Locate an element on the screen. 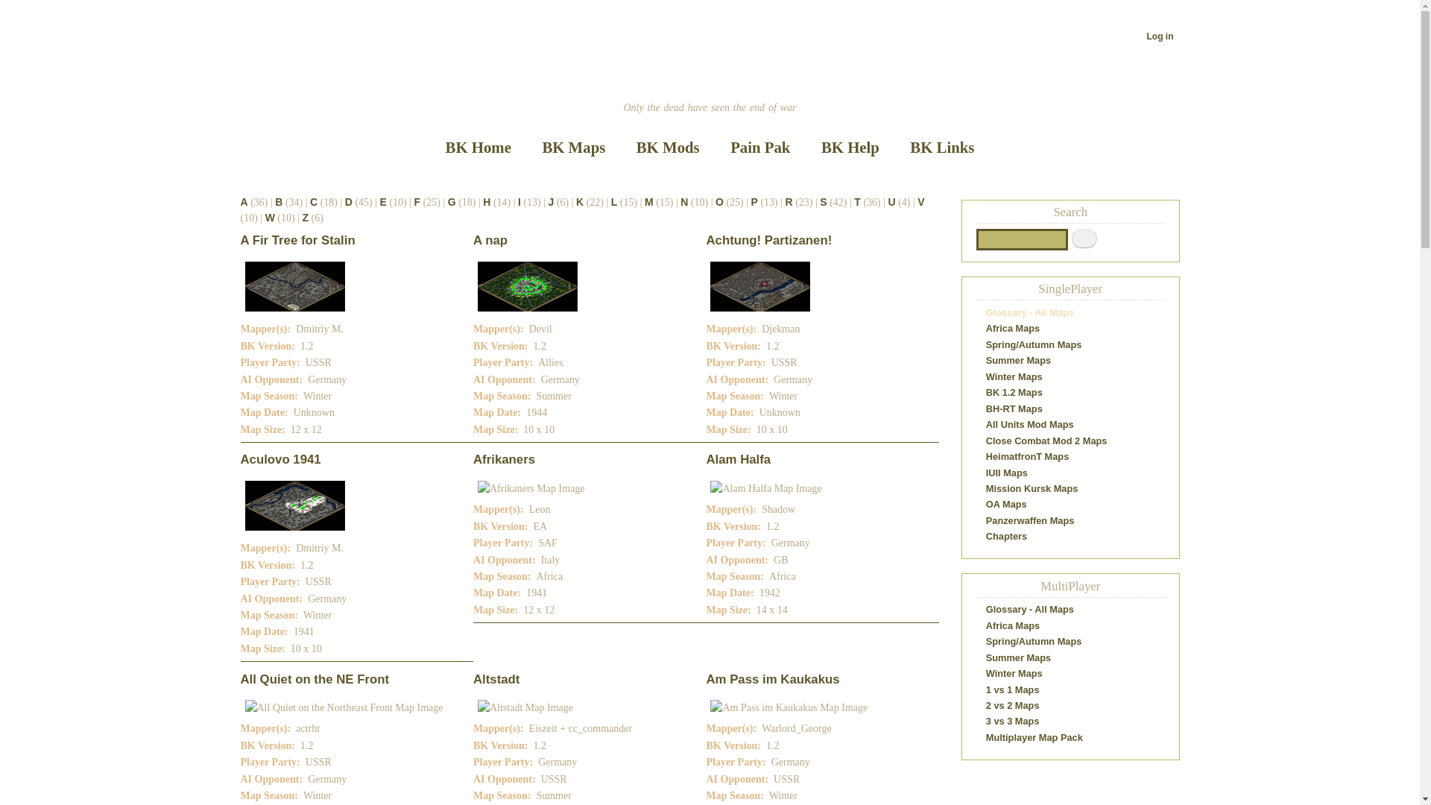  'Z' is located at coordinates (305, 218).